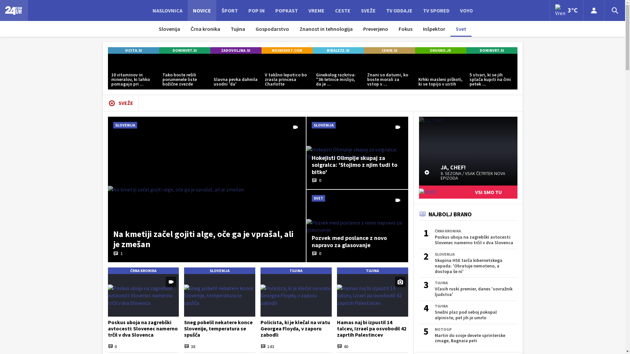  Describe the element at coordinates (316, 10) in the screenshot. I see `'VREME'` at that location.